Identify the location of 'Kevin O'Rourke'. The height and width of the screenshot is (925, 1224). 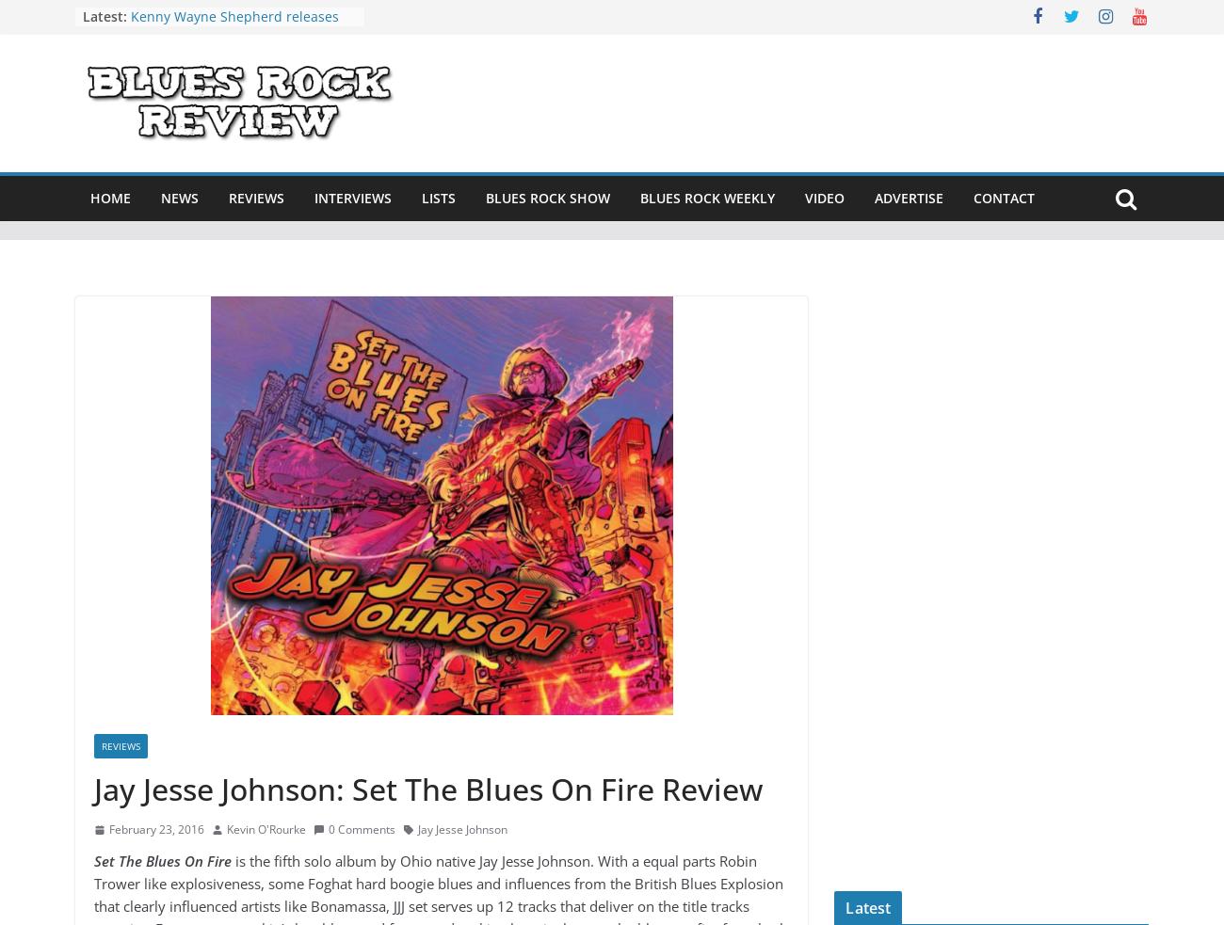
(266, 828).